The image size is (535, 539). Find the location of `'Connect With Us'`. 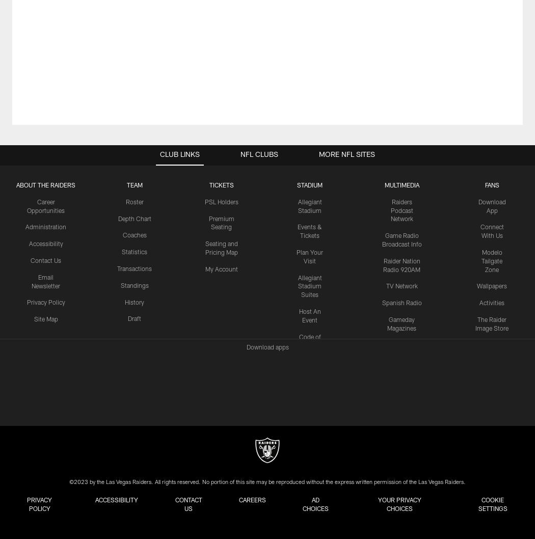

'Connect With Us' is located at coordinates (479, 231).